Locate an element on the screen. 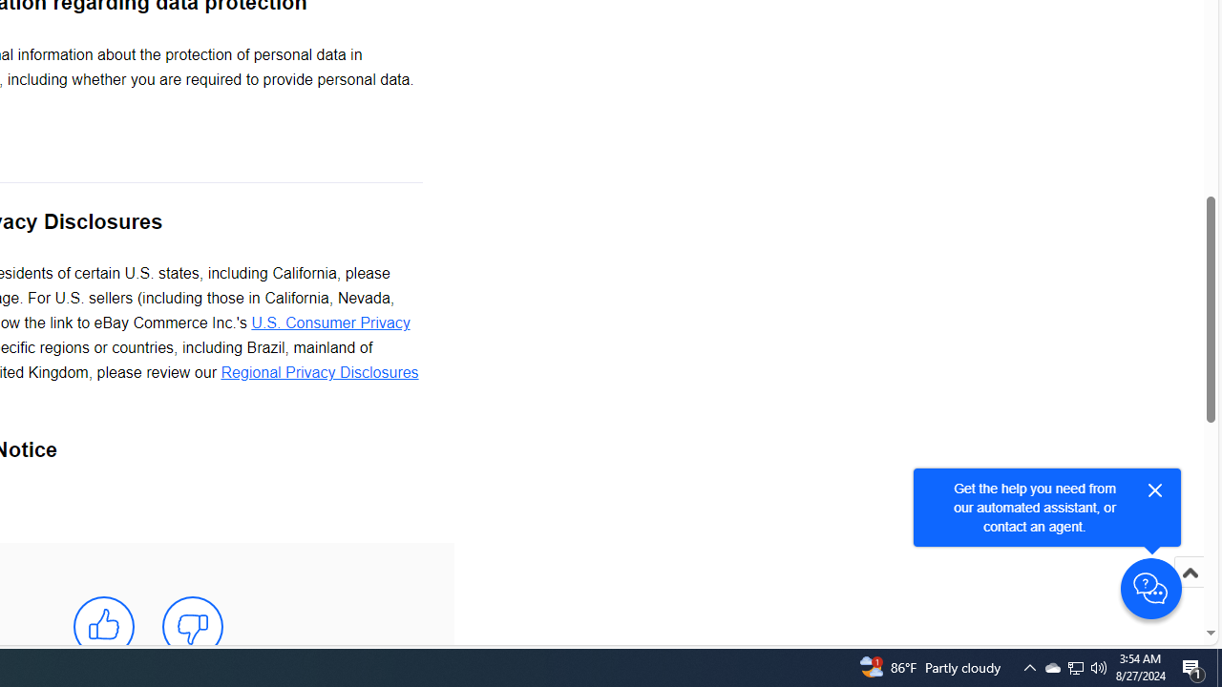 Image resolution: width=1222 pixels, height=687 pixels. 'mark this article helpful' is located at coordinates (102, 627).